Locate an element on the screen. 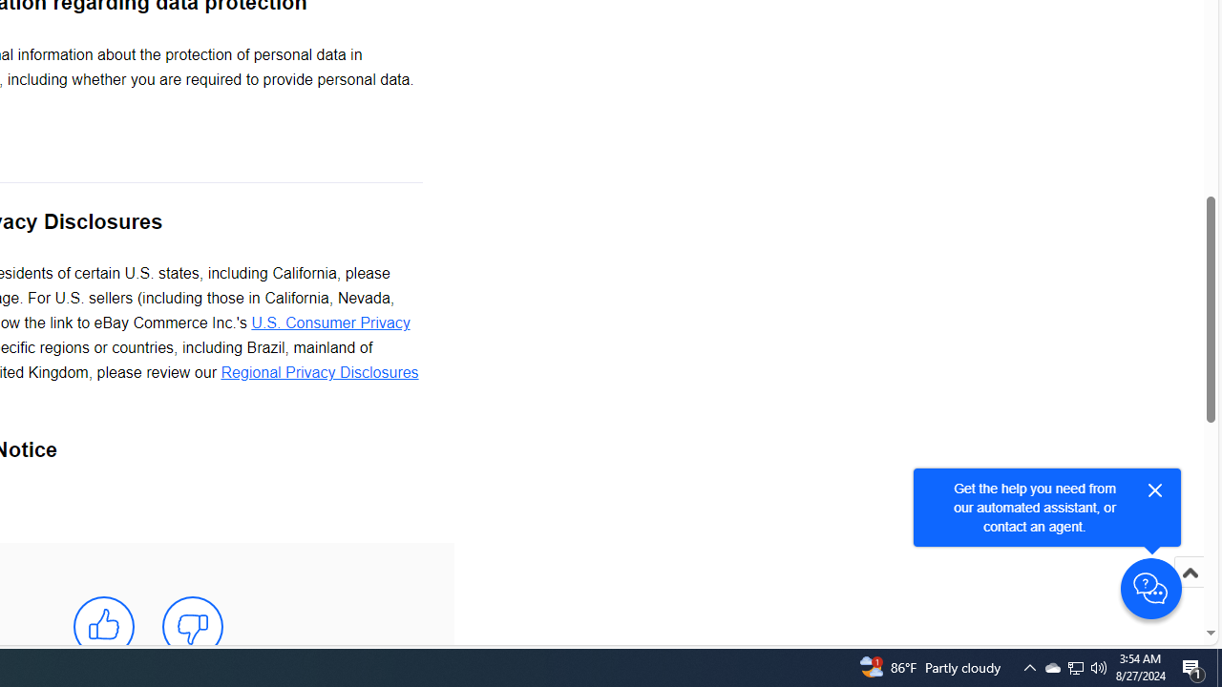 Image resolution: width=1222 pixels, height=687 pixels. 'mark this article helpful' is located at coordinates (102, 627).